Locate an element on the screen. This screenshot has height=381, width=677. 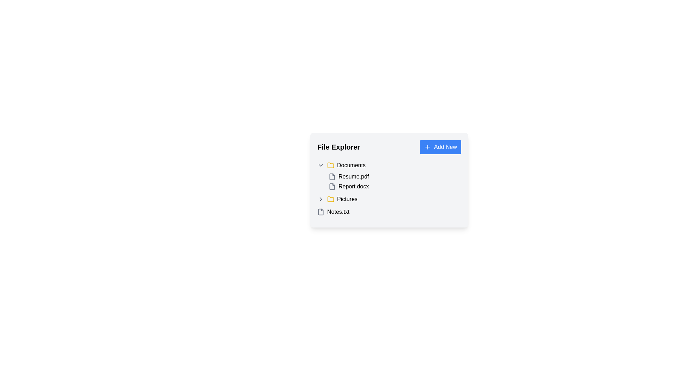
the rectangular button with a blue background and white text reading 'Add New', located at the upper-right side of the 'File Explorer' interface header to receive hover feedback is located at coordinates (440, 146).